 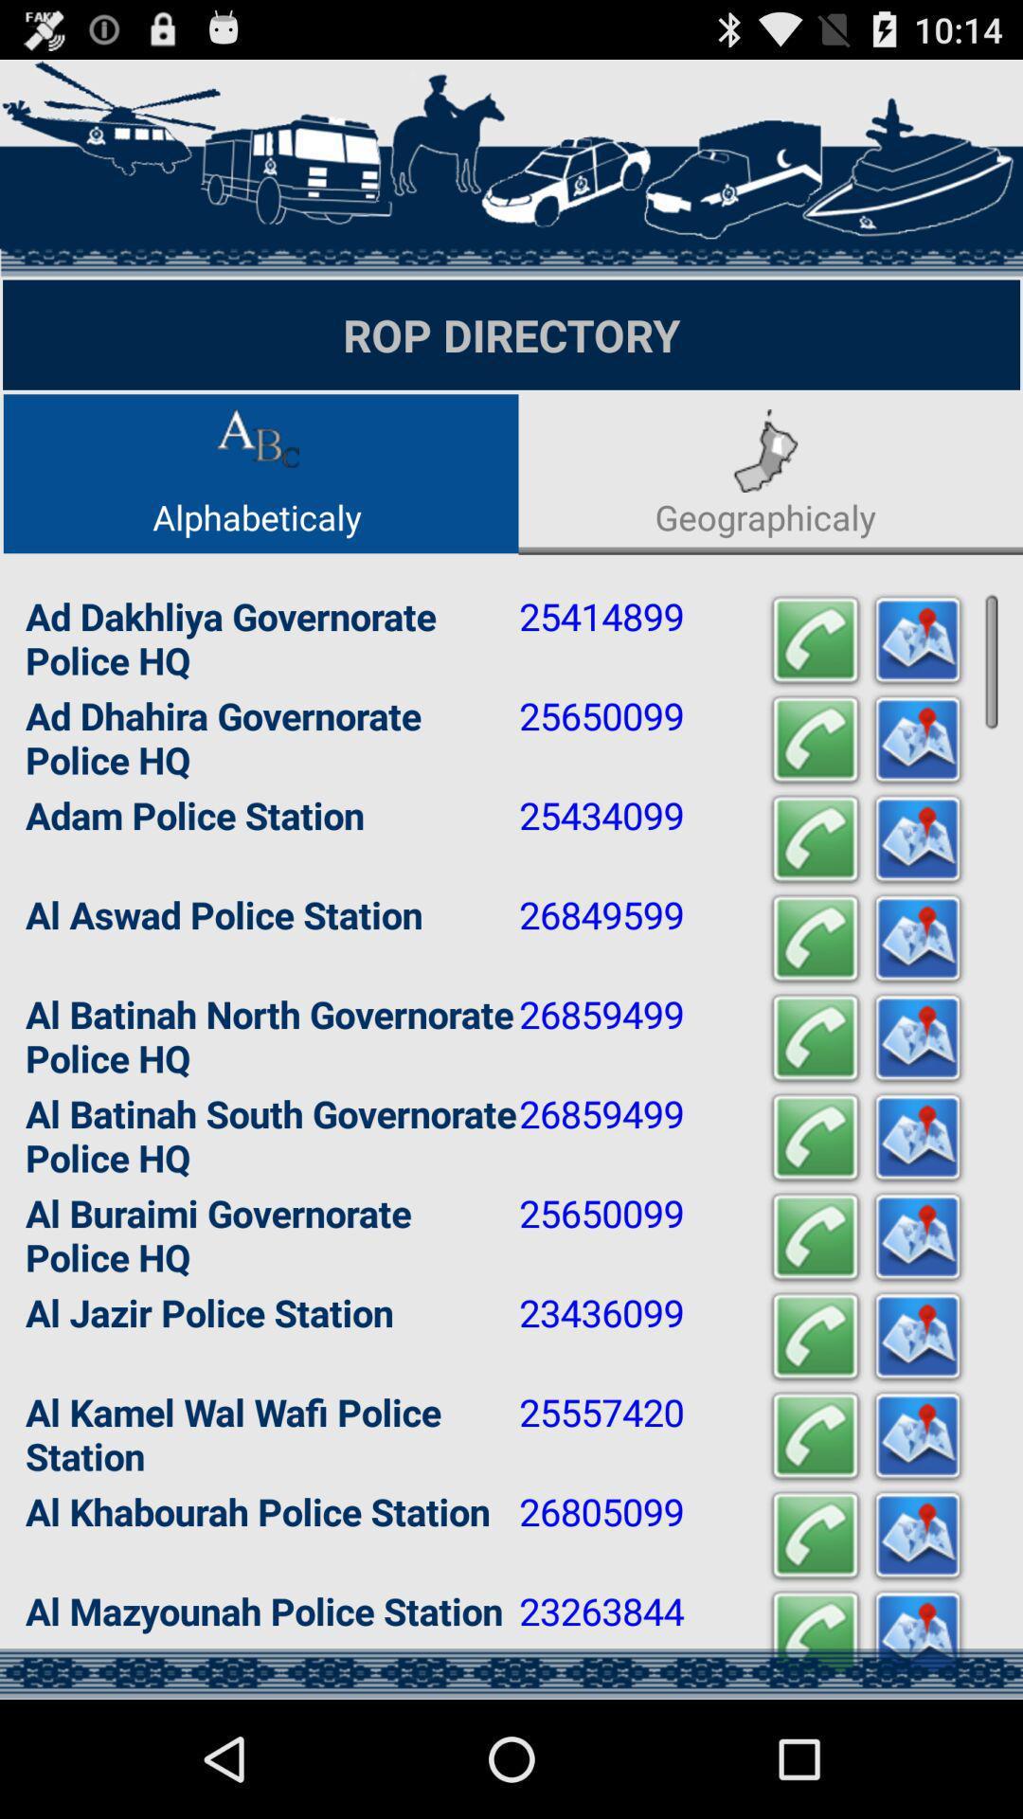 What do you see at coordinates (814, 1536) in the screenshot?
I see `call the police` at bounding box center [814, 1536].